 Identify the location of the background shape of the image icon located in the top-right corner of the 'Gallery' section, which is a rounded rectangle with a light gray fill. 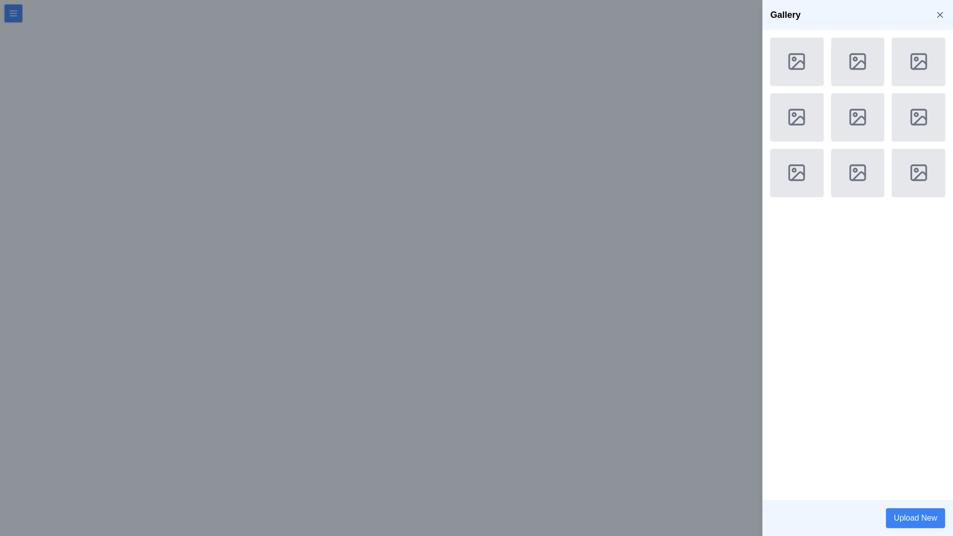
(918, 61).